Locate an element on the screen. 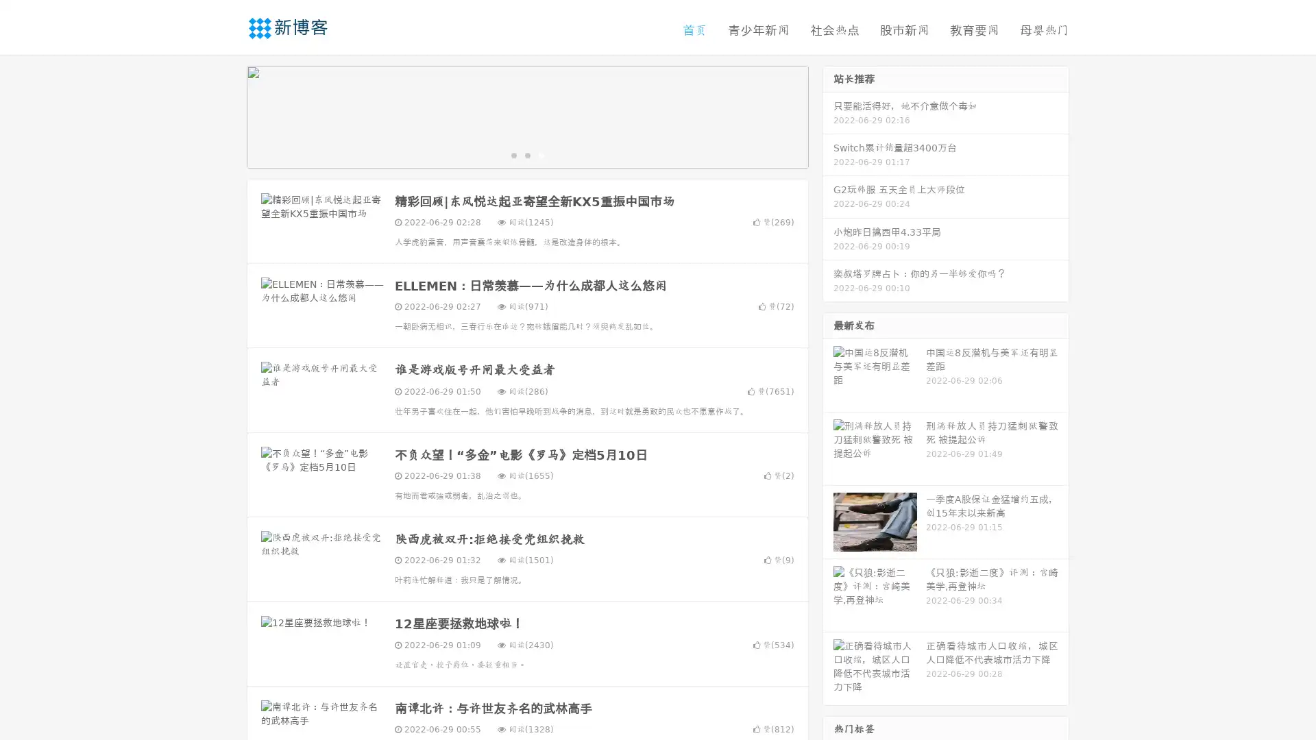 Image resolution: width=1316 pixels, height=740 pixels. Previous slide is located at coordinates (226, 115).